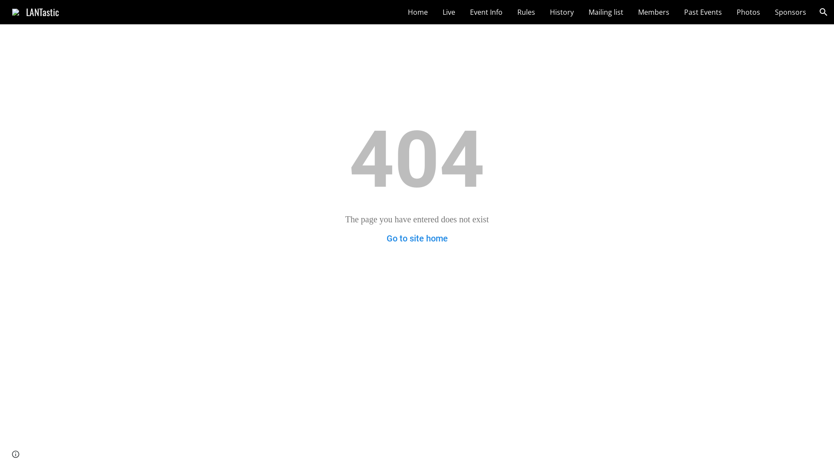 The height and width of the screenshot is (469, 834). Describe the element at coordinates (790, 12) in the screenshot. I see `'Sponsors'` at that location.